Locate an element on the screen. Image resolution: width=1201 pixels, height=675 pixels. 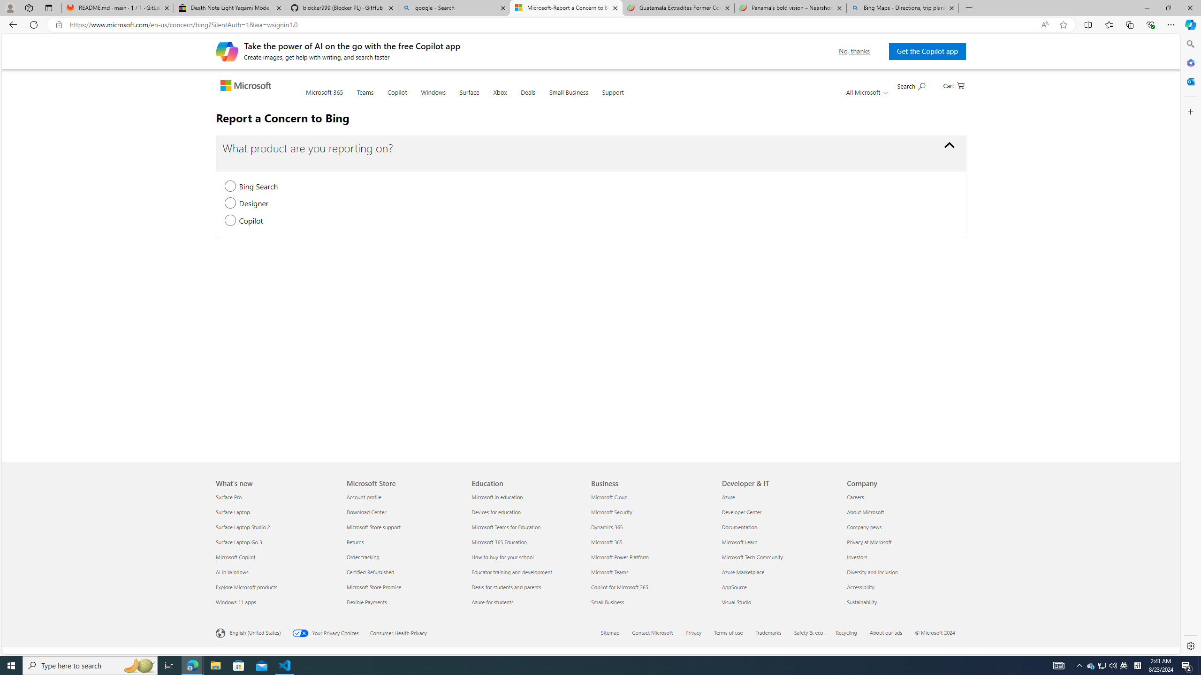
'Microsoft Store Promise' is located at coordinates (403, 587).